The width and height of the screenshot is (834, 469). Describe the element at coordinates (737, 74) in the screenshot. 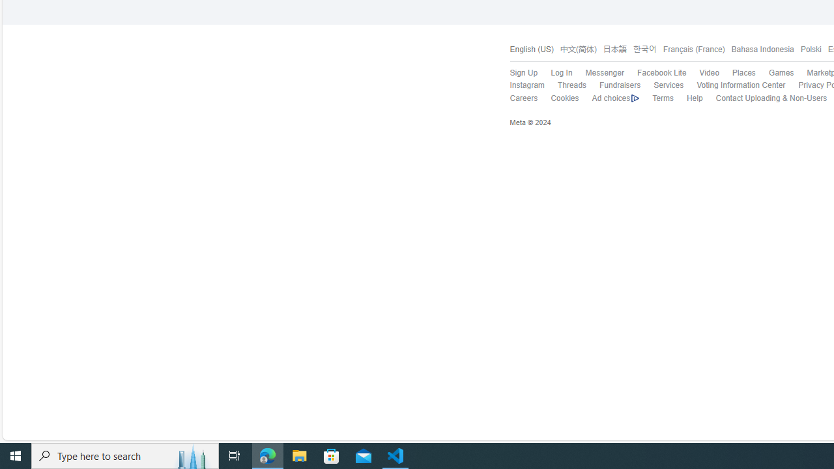

I see `'Places'` at that location.